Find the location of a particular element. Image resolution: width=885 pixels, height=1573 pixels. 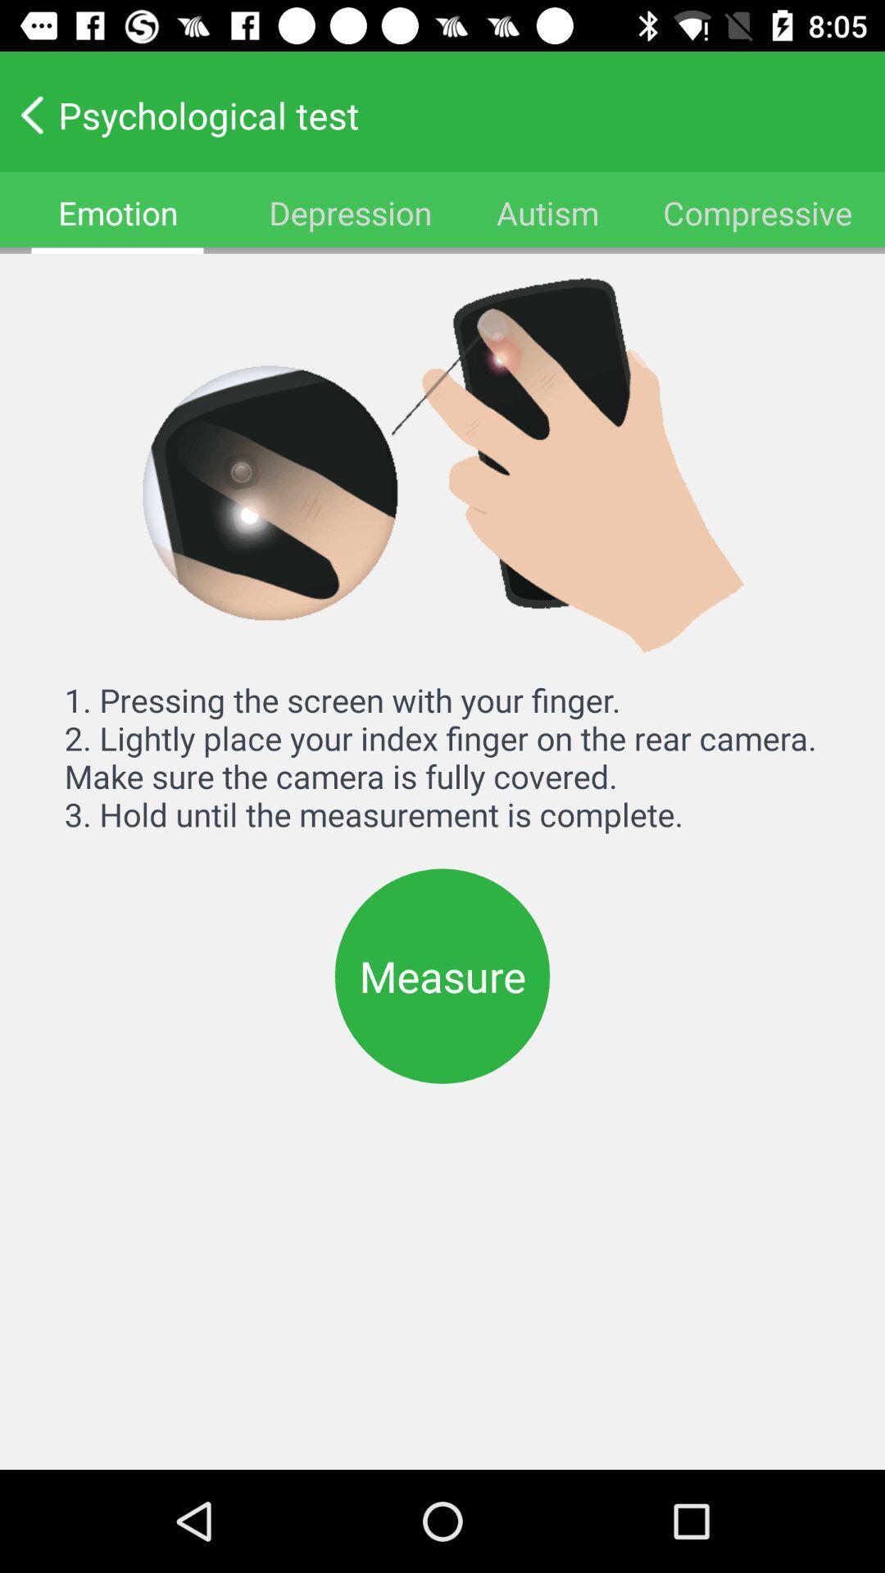

icon below 1 pressing the is located at coordinates (442, 976).